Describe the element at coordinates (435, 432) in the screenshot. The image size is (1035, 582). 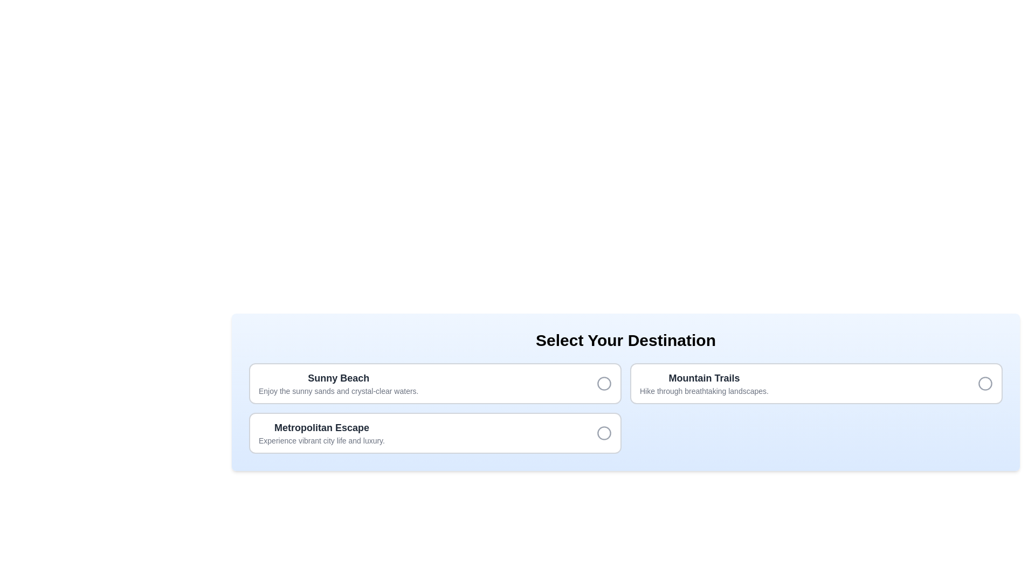
I see `the 'Metropolitan Escape' selection box to trigger visual feedback` at that location.